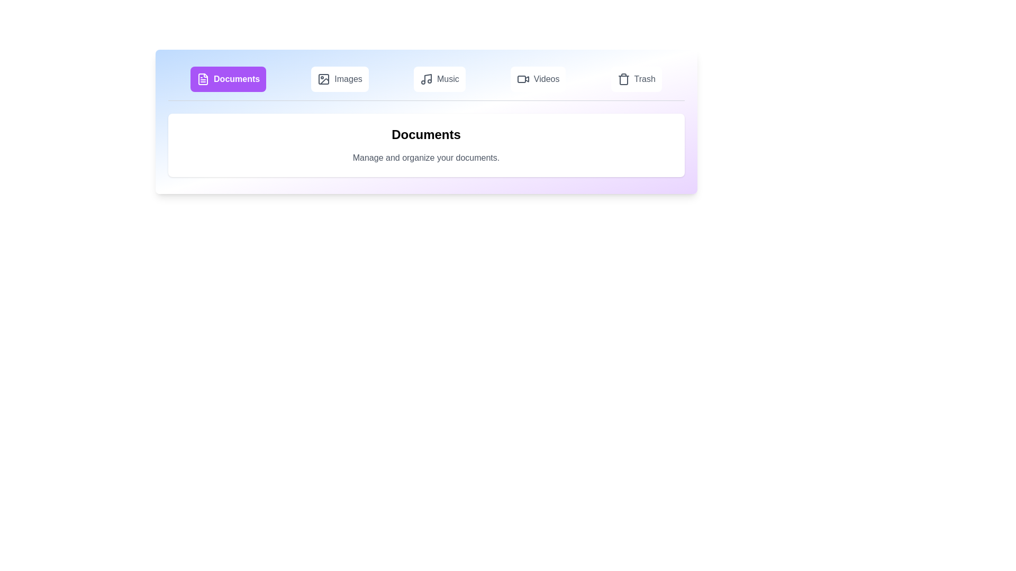  What do you see at coordinates (439, 79) in the screenshot?
I see `the tab labeled Music to preview its effect` at bounding box center [439, 79].